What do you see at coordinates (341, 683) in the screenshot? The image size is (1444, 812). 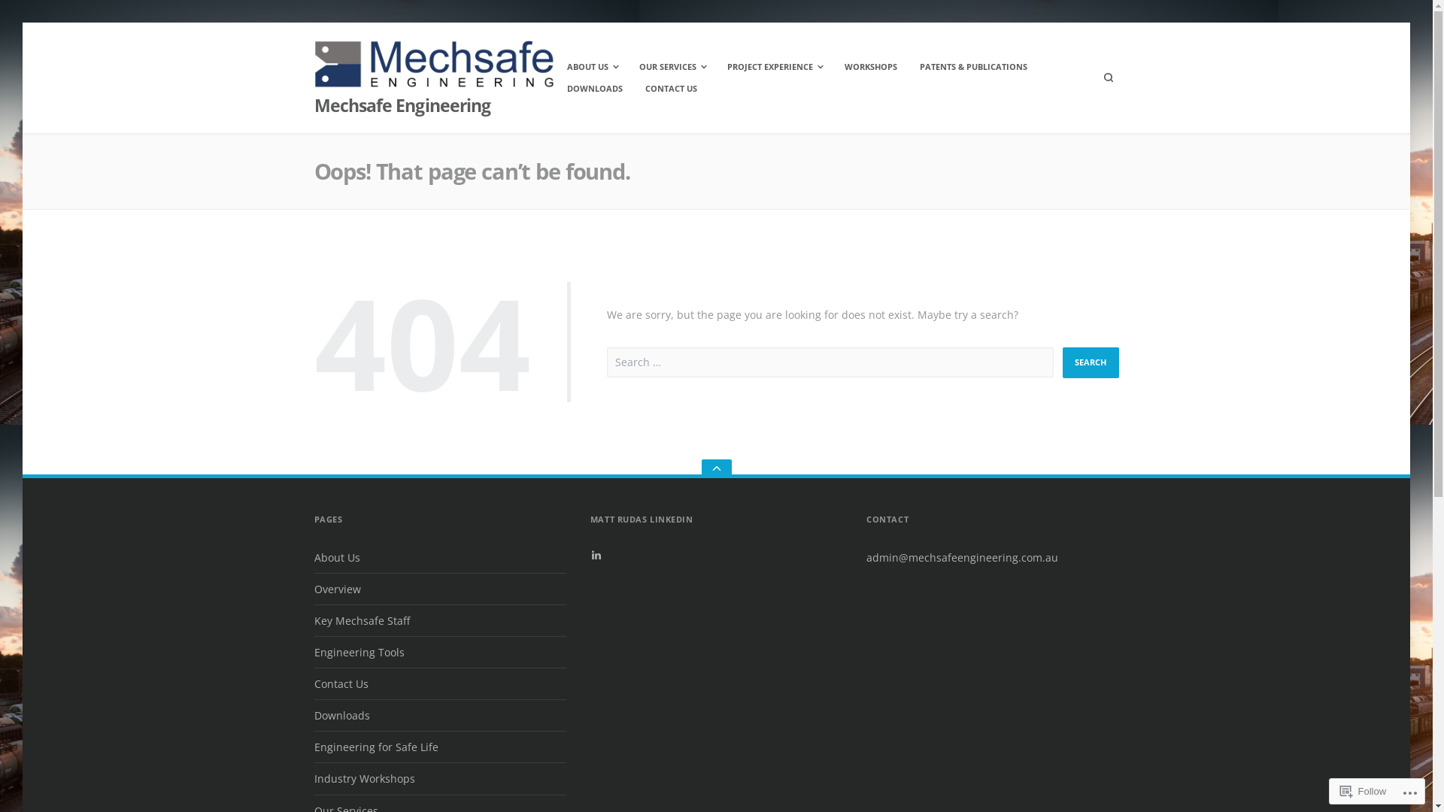 I see `'Contact Us'` at bounding box center [341, 683].